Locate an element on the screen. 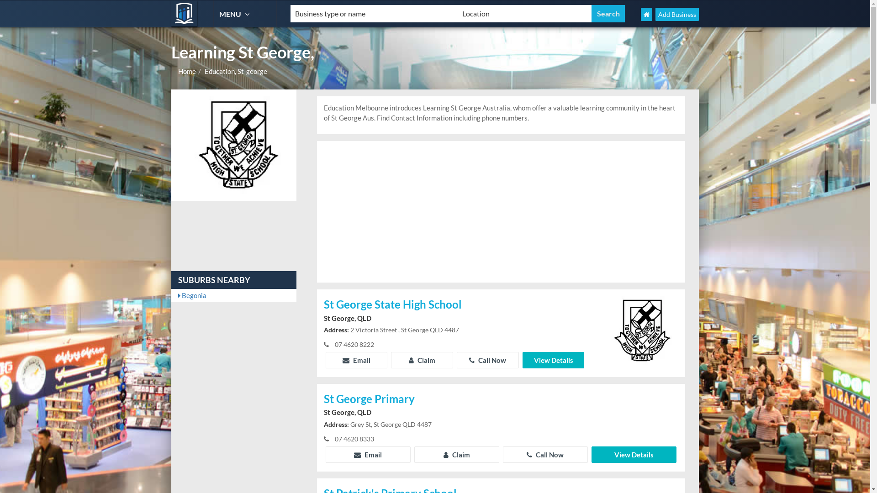 Image resolution: width=877 pixels, height=493 pixels. 'Add Business' is located at coordinates (655, 14).